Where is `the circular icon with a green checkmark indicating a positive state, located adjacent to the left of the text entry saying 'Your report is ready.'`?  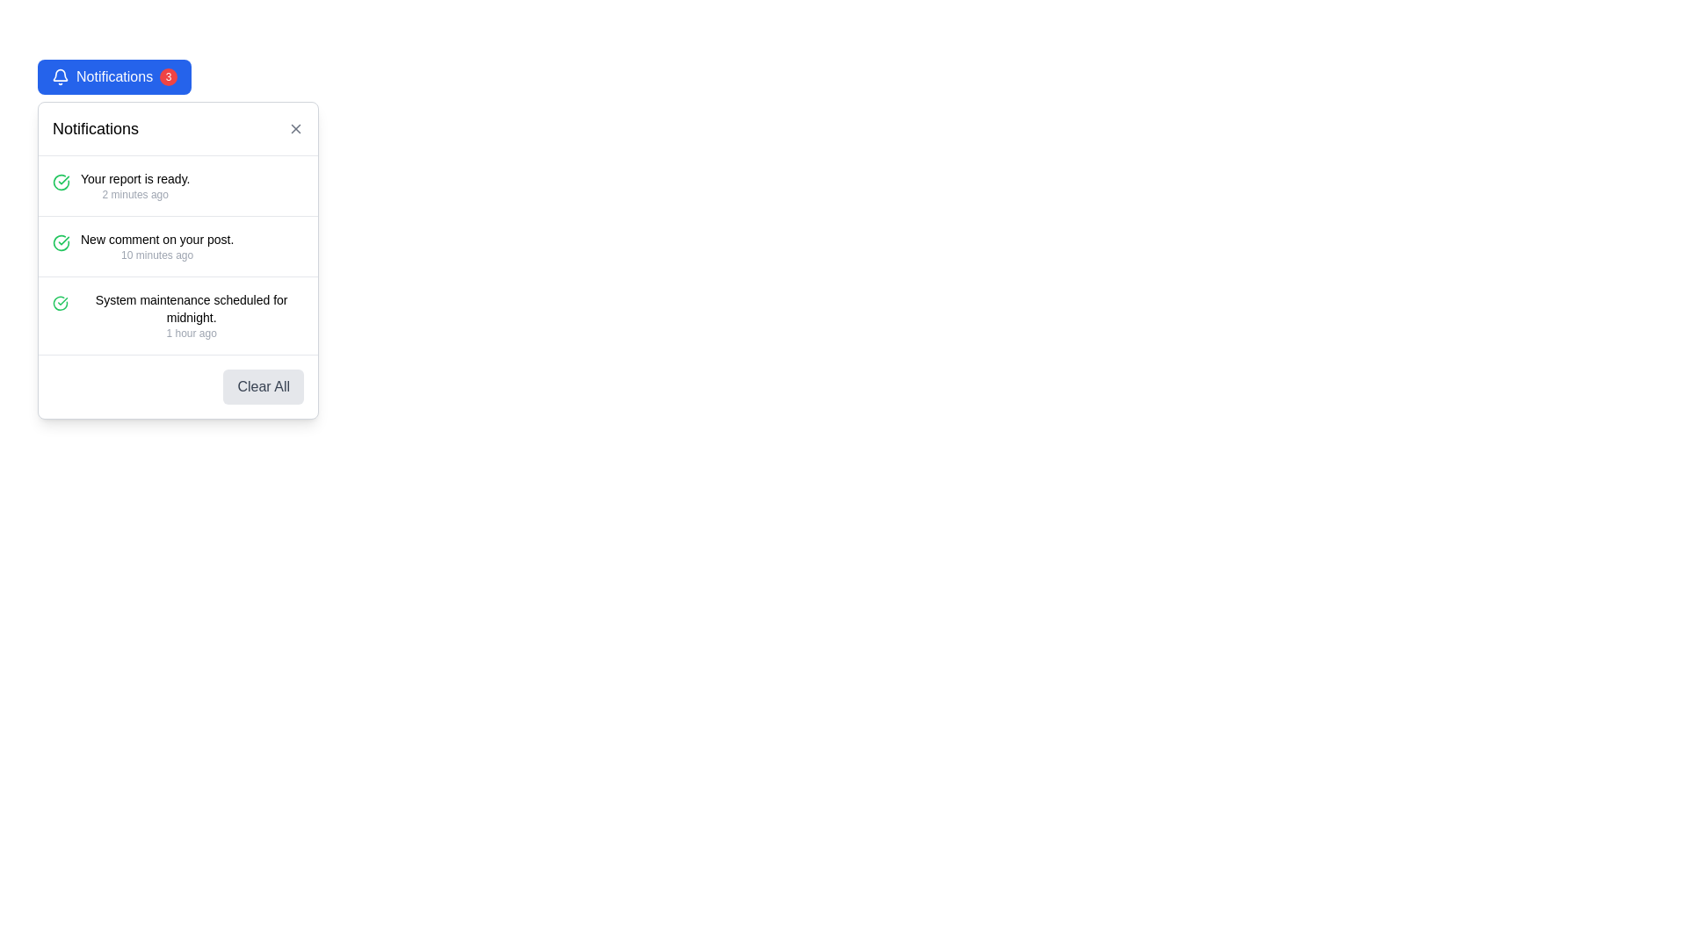 the circular icon with a green checkmark indicating a positive state, located adjacent to the left of the text entry saying 'Your report is ready.' is located at coordinates (62, 183).